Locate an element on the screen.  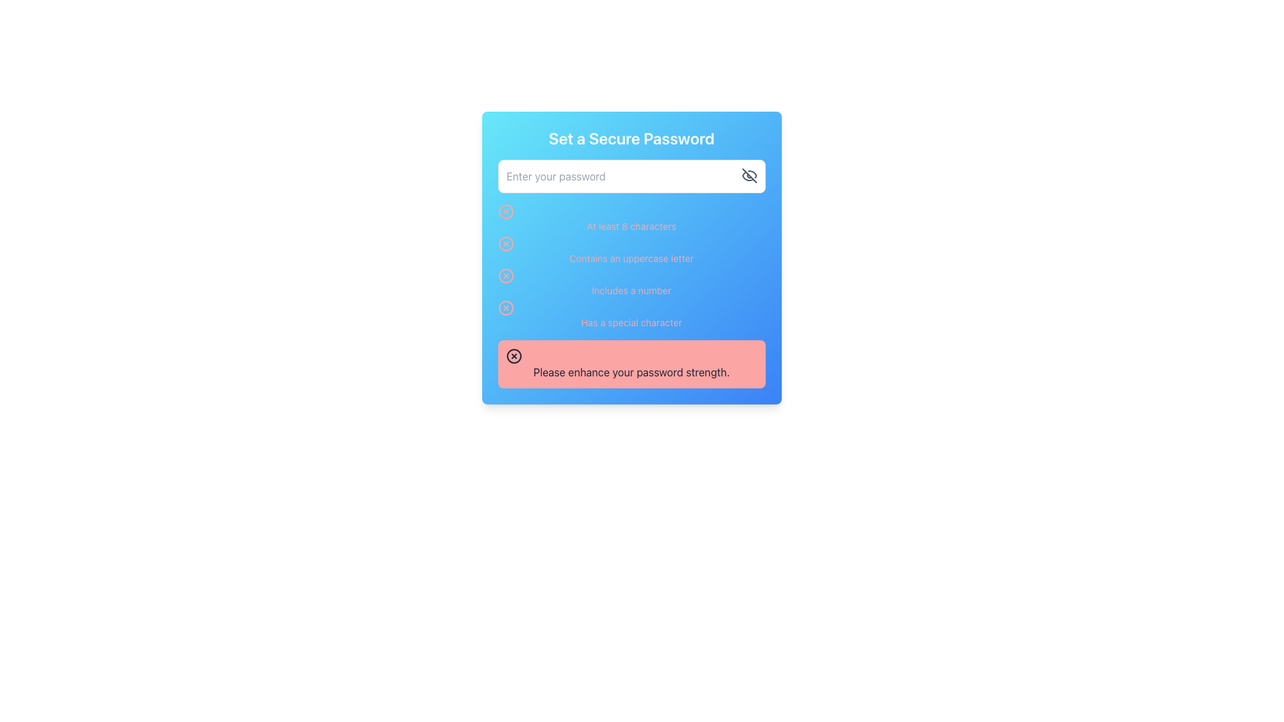
the second item in the vertically aligned checklist labeled 'Contains an uppercase letter' with a gradient blue background and a red icon indicating a negative condition is located at coordinates (631, 257).